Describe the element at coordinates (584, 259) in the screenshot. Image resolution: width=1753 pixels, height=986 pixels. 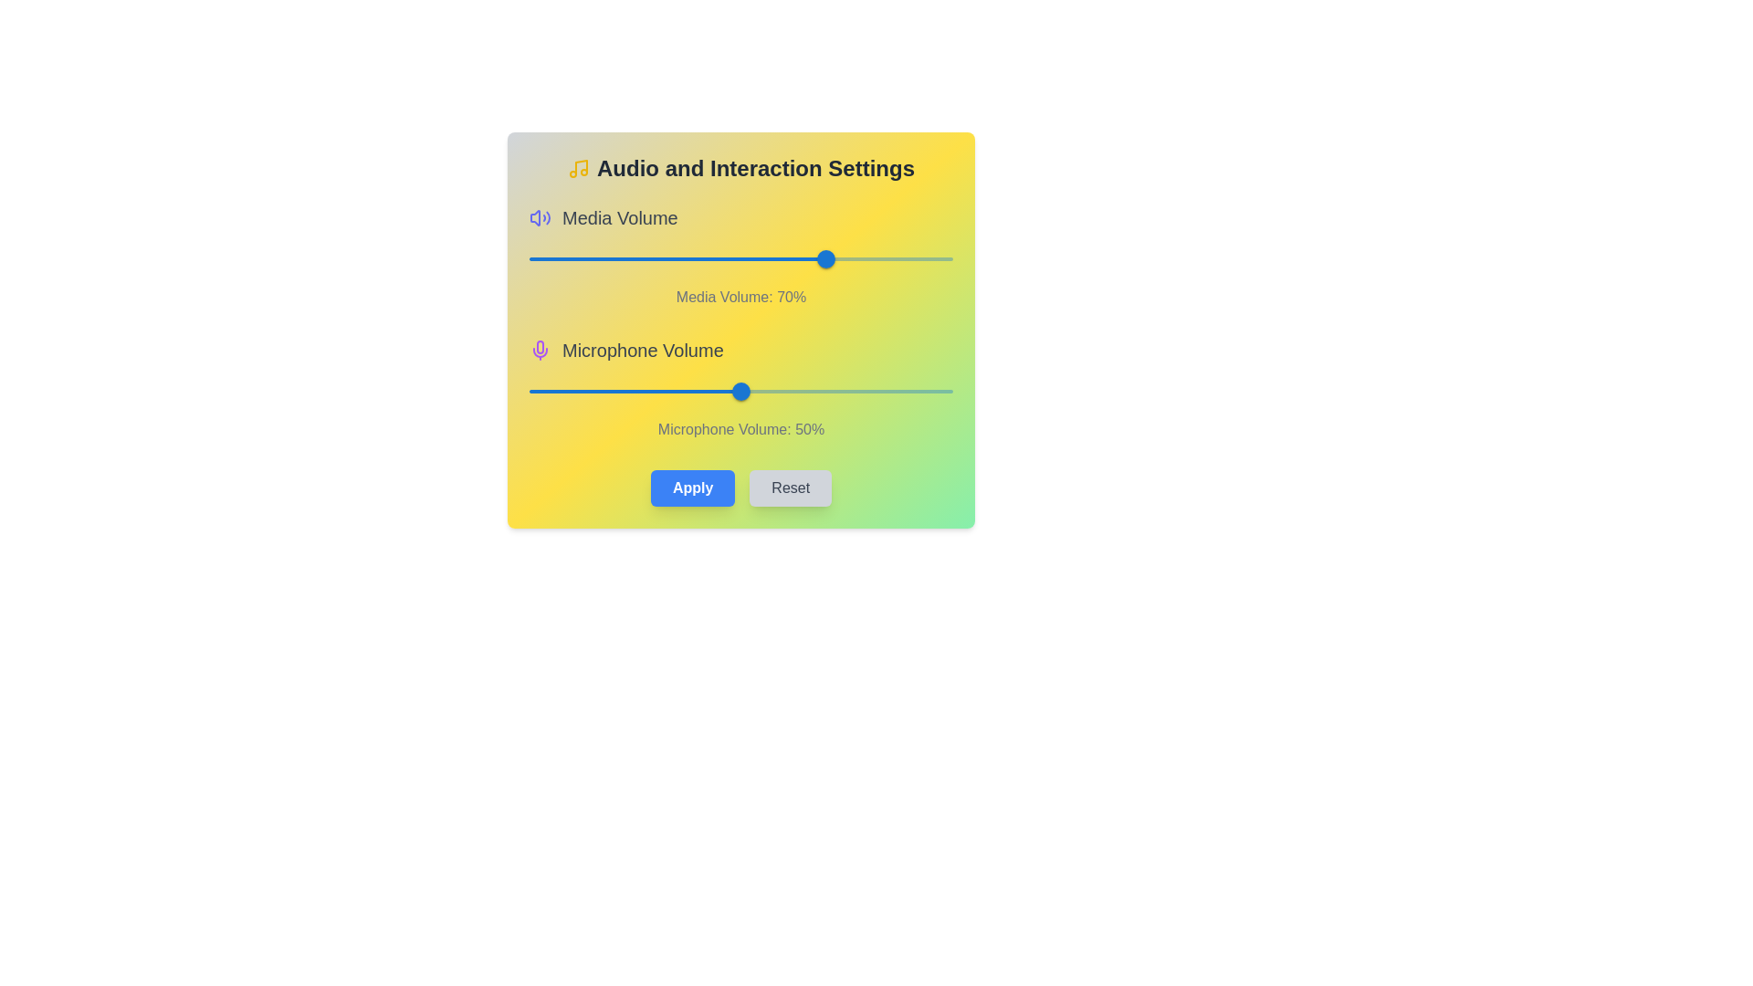
I see `the slider value` at that location.